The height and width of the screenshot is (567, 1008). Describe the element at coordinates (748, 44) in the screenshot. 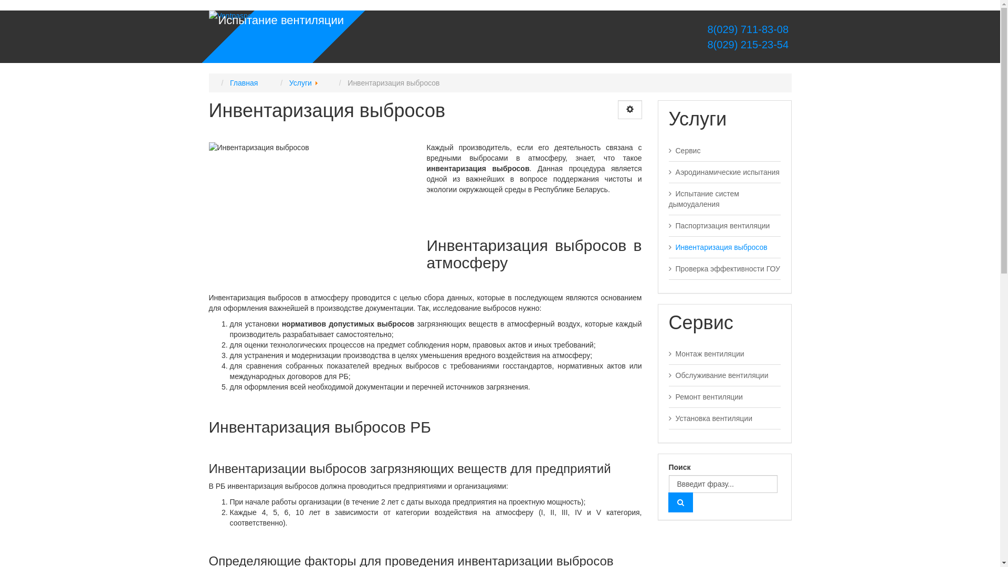

I see `'8(029) 215-23-54'` at that location.